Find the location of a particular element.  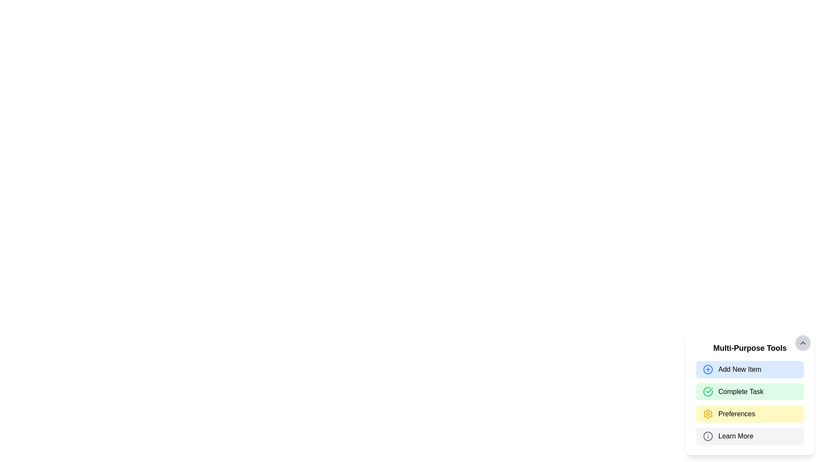

the yellow gear icon located to the left of the 'Preferences' text within the button to interact with it is located at coordinates (708, 414).